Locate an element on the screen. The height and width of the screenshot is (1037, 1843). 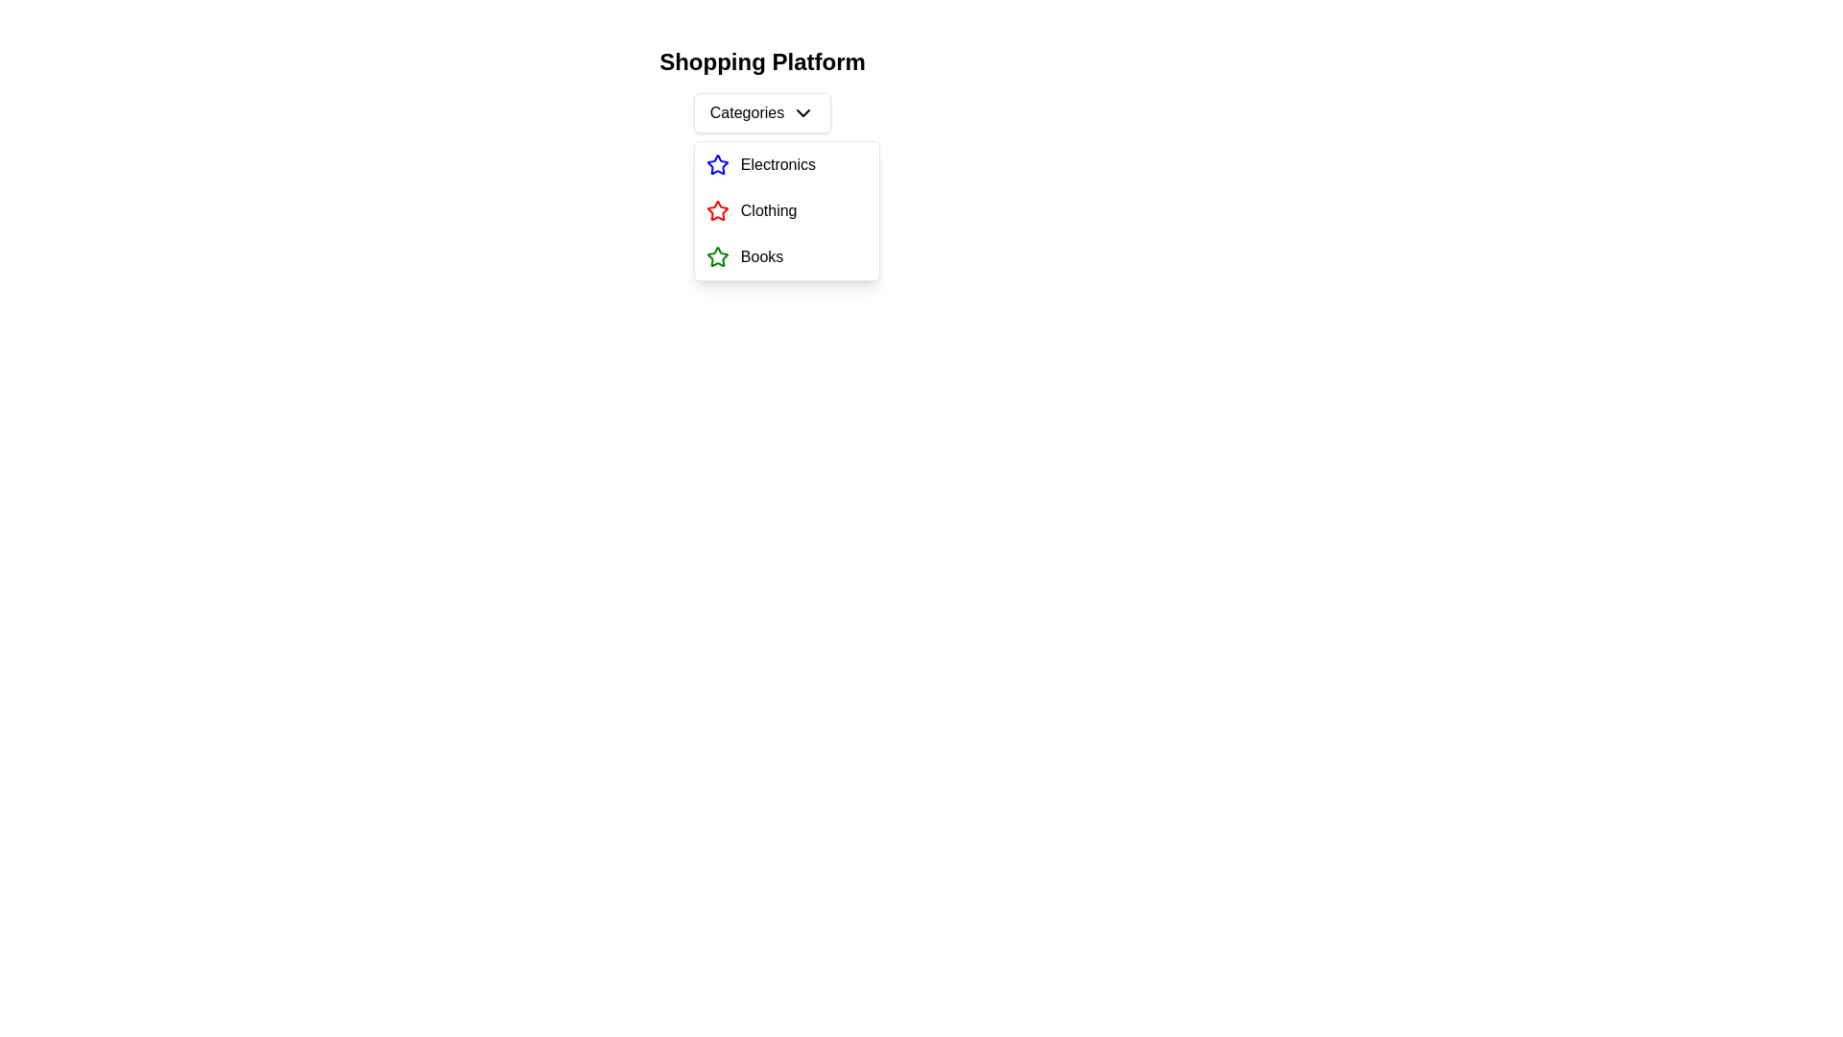
the star icon representing the 'Clothing' menu item in the dropdown menu under 'Categories' on the 'Shopping Platform' interface is located at coordinates (716, 210).